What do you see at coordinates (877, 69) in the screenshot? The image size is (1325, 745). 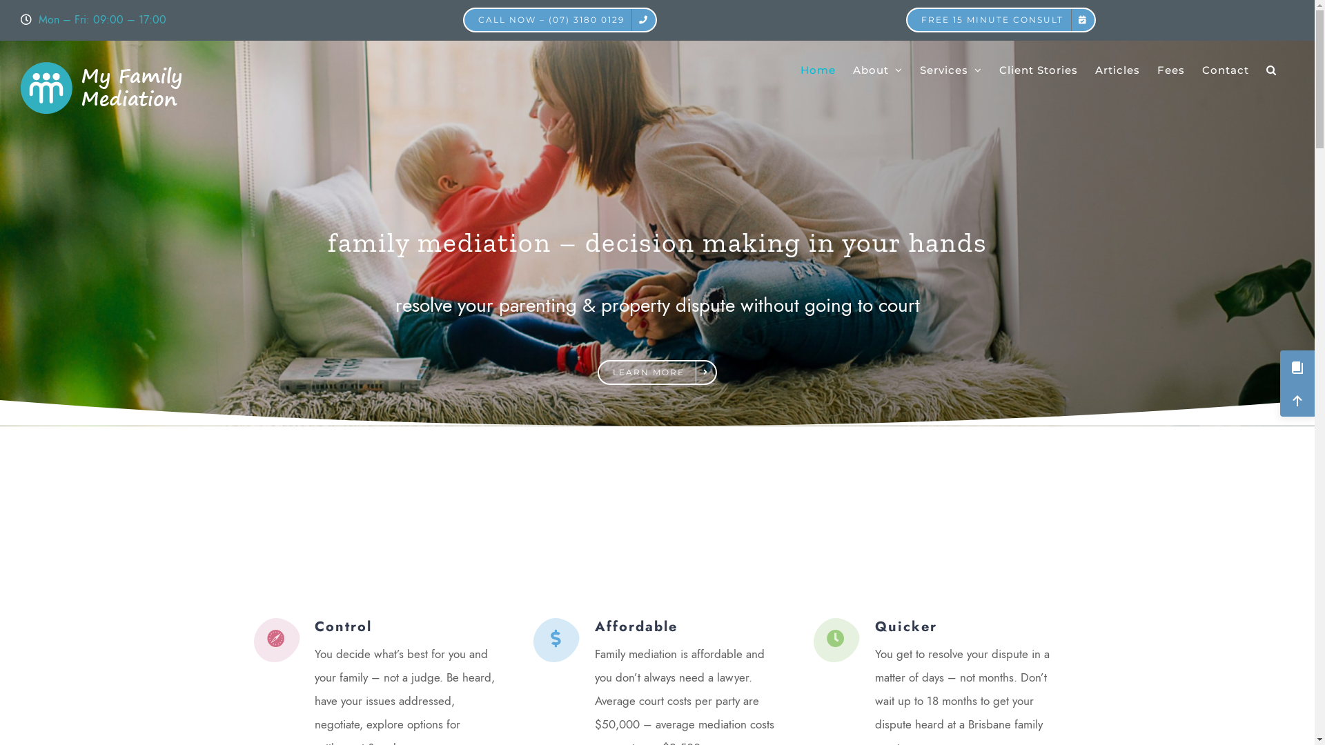 I see `'About'` at bounding box center [877, 69].